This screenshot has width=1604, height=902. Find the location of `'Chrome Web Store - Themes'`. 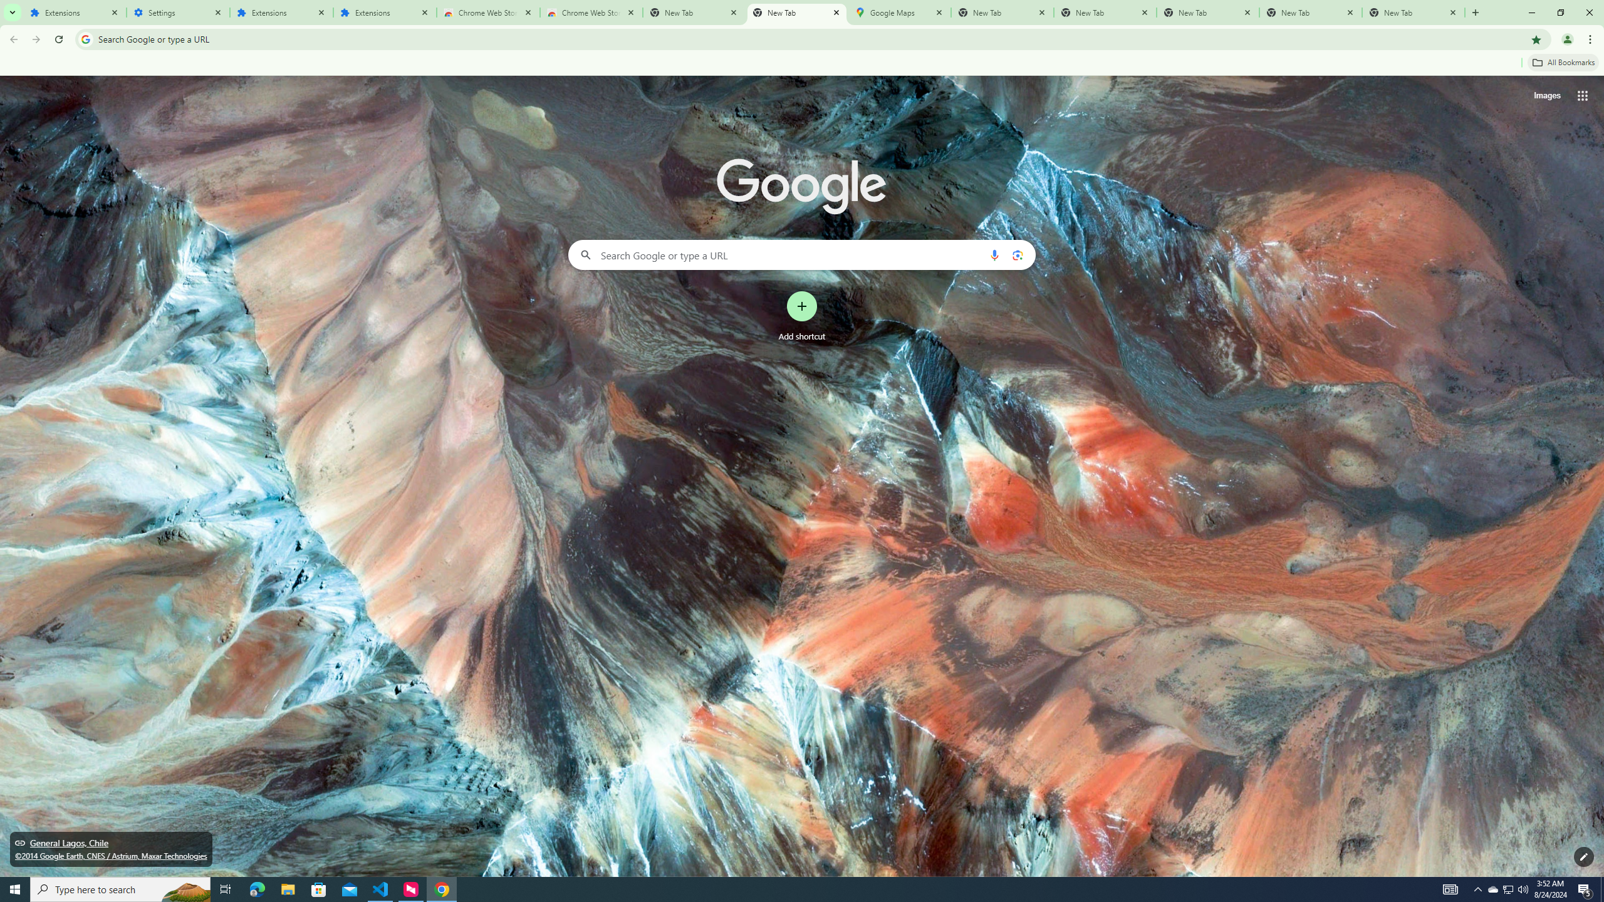

'Chrome Web Store - Themes' is located at coordinates (590, 12).